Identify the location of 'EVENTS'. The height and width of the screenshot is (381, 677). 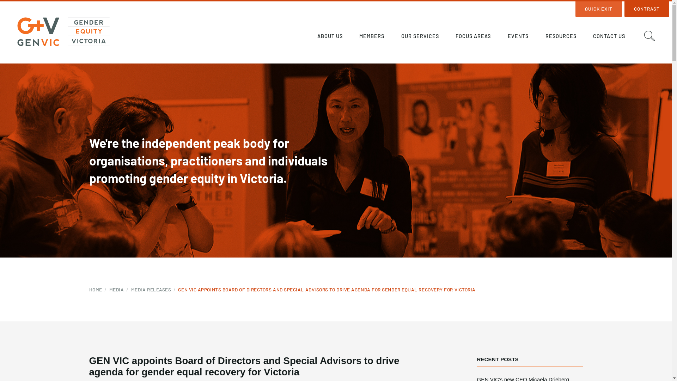
(518, 37).